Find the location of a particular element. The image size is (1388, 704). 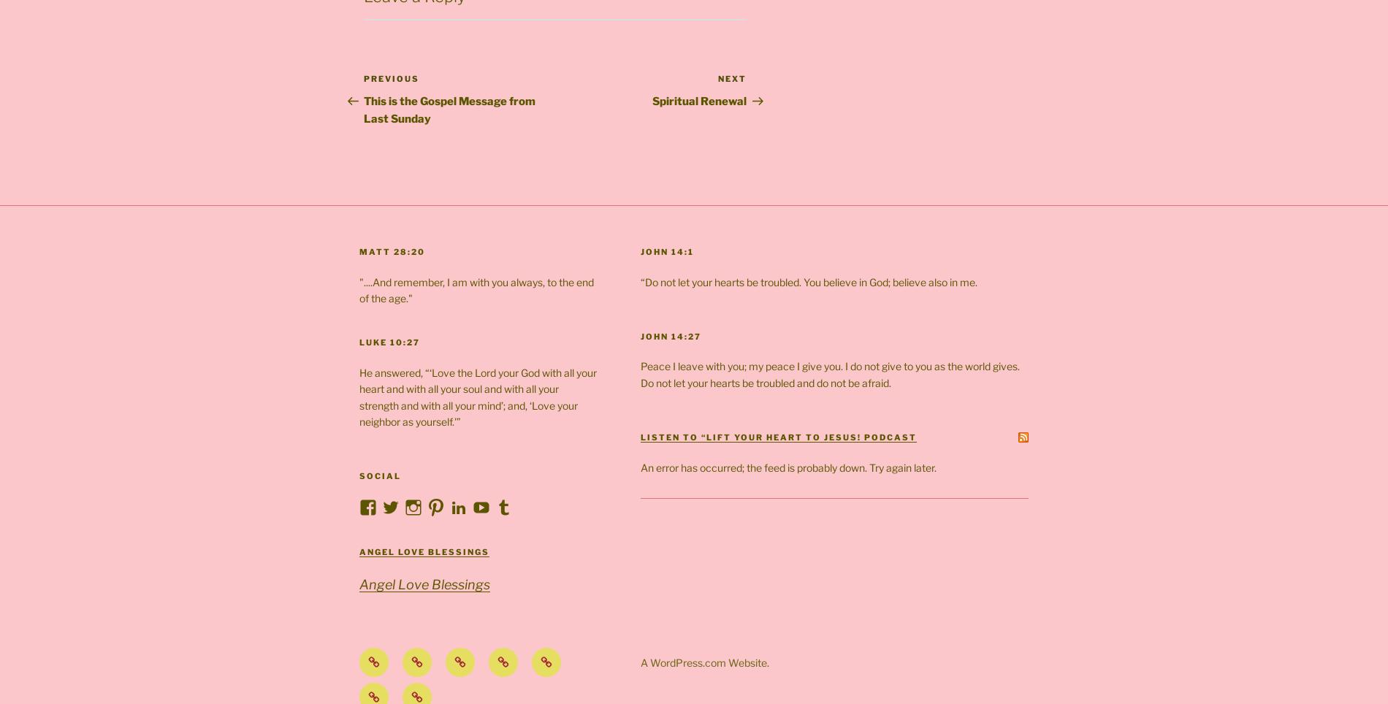

'Social' is located at coordinates (380, 475).